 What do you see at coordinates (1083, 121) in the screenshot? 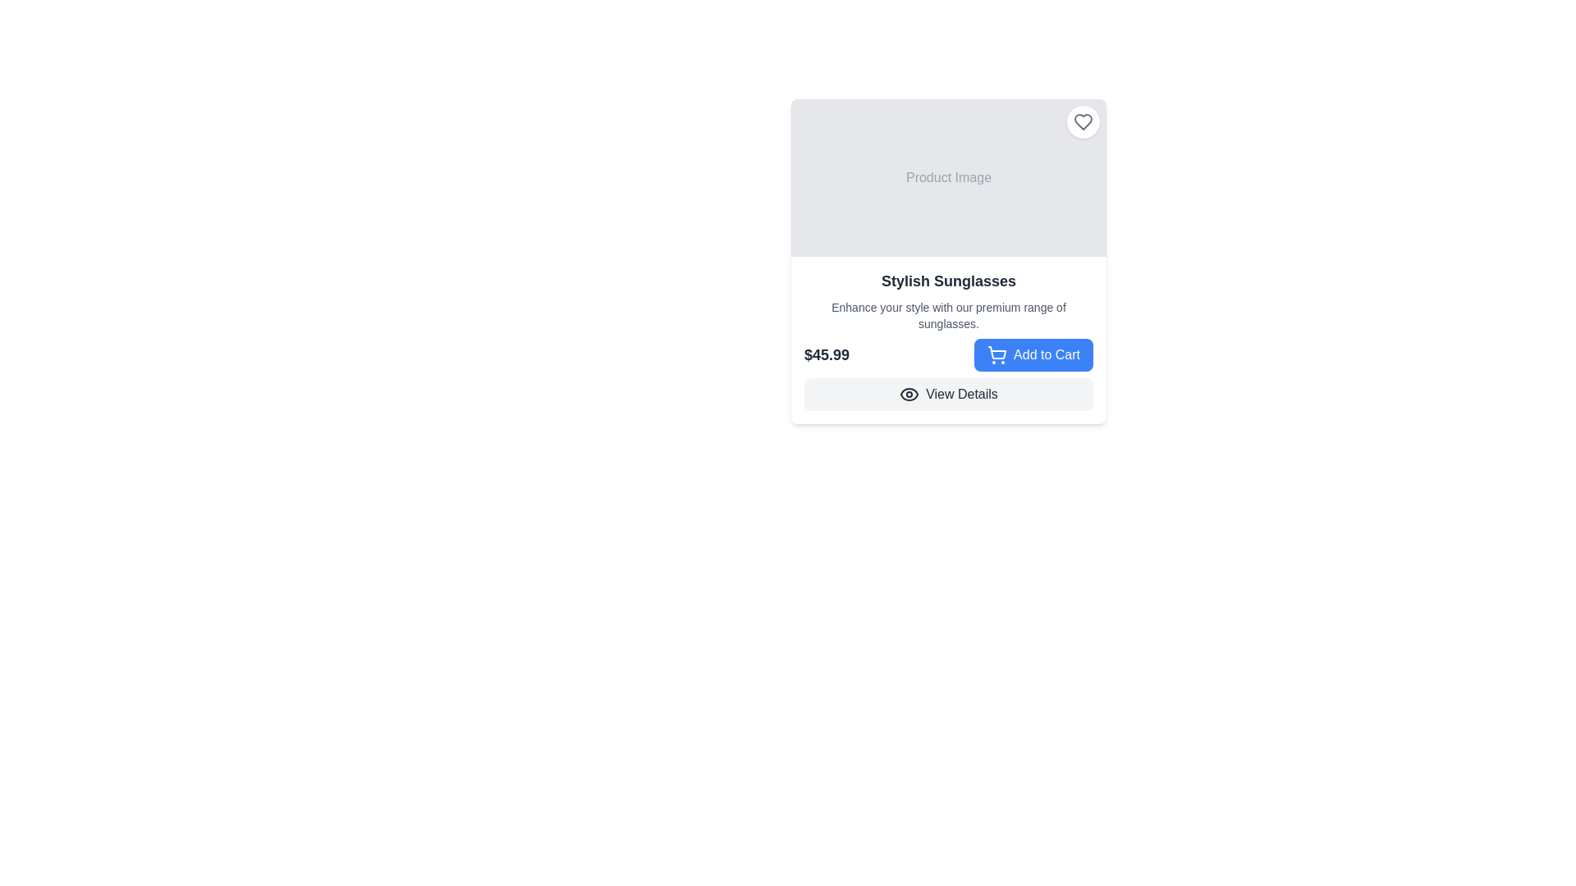
I see `the circular button with a white background and heart icon, located at the top-right corner of the product image section` at bounding box center [1083, 121].